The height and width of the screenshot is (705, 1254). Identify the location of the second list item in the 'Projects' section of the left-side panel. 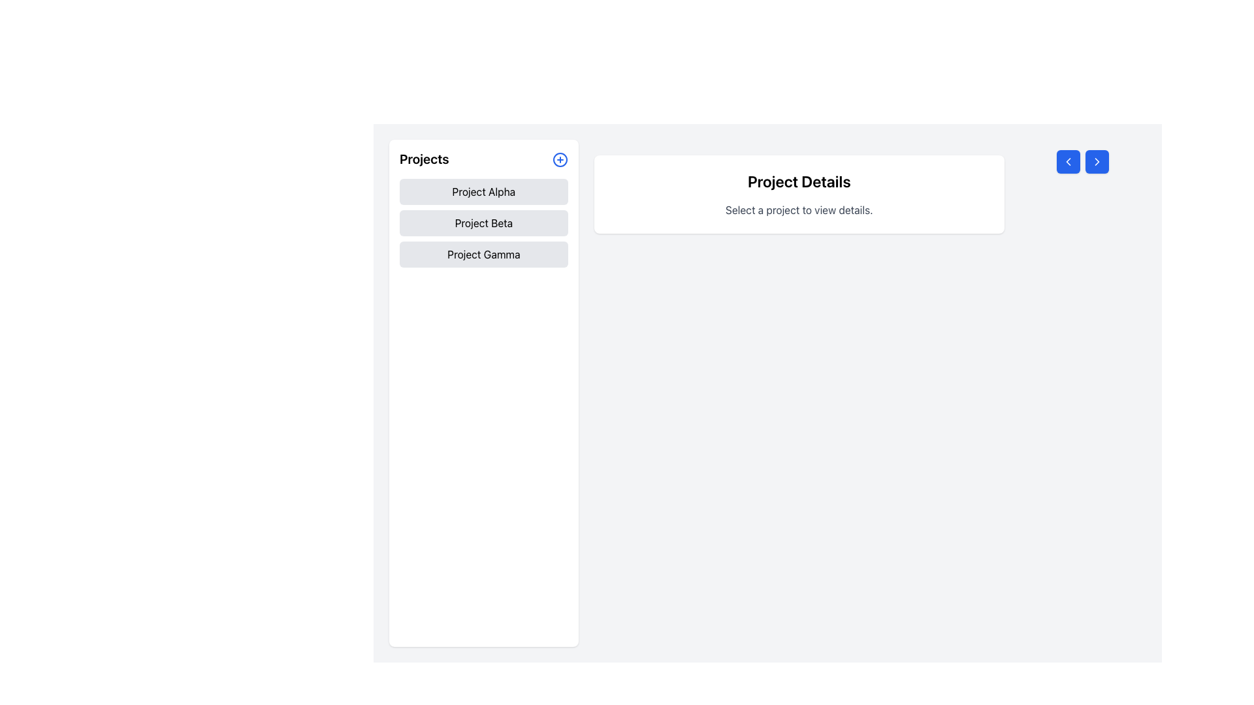
(483, 223).